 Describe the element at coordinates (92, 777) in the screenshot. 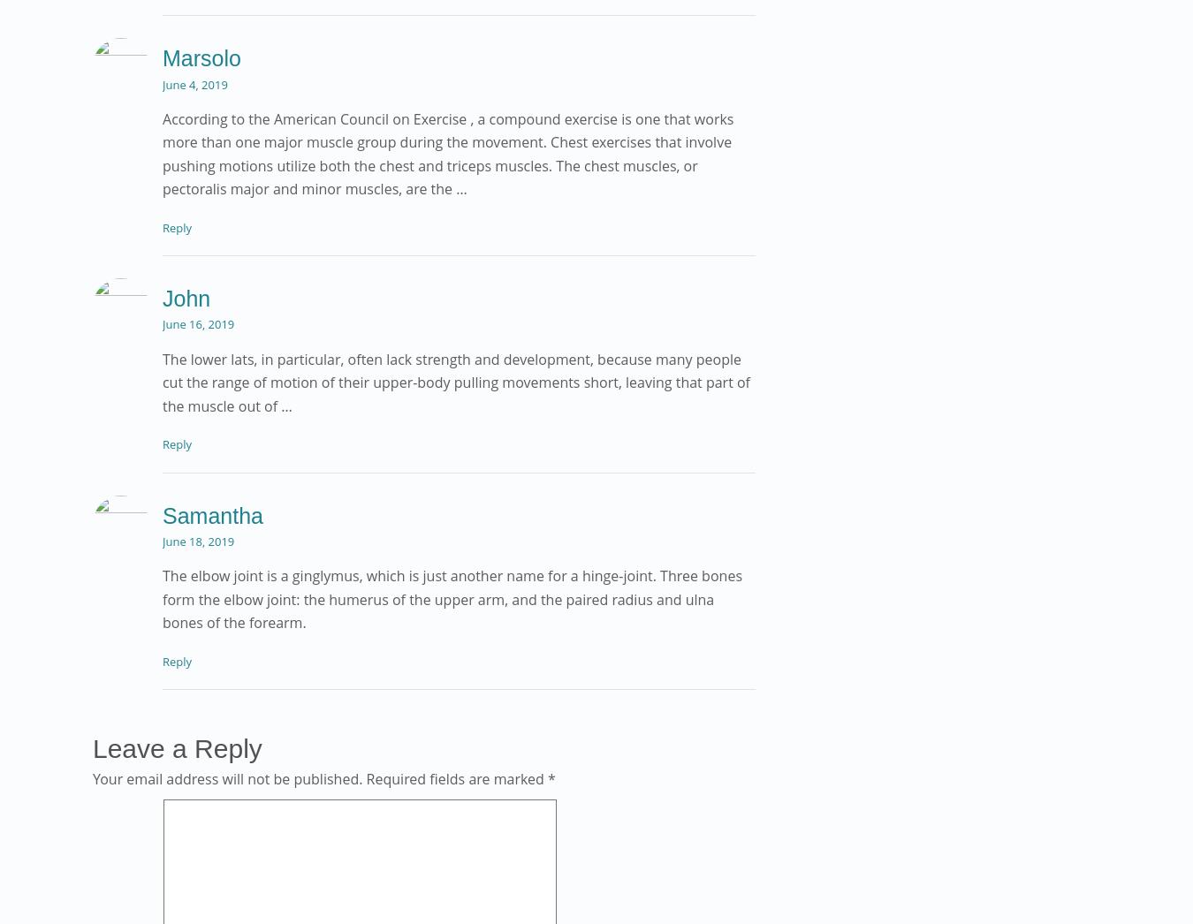

I see `'Your email address will not be published.'` at that location.